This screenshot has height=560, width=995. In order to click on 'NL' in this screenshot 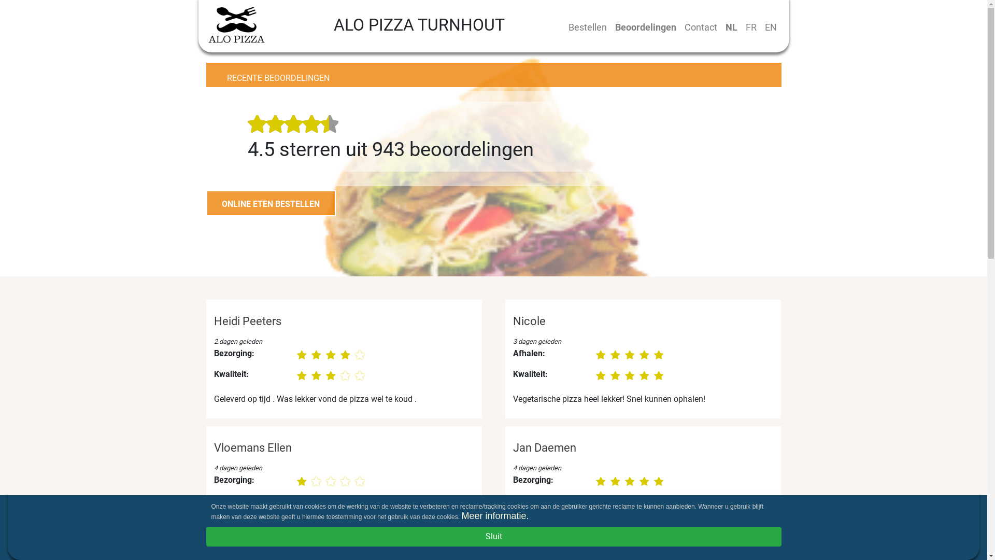, I will do `click(731, 26)`.